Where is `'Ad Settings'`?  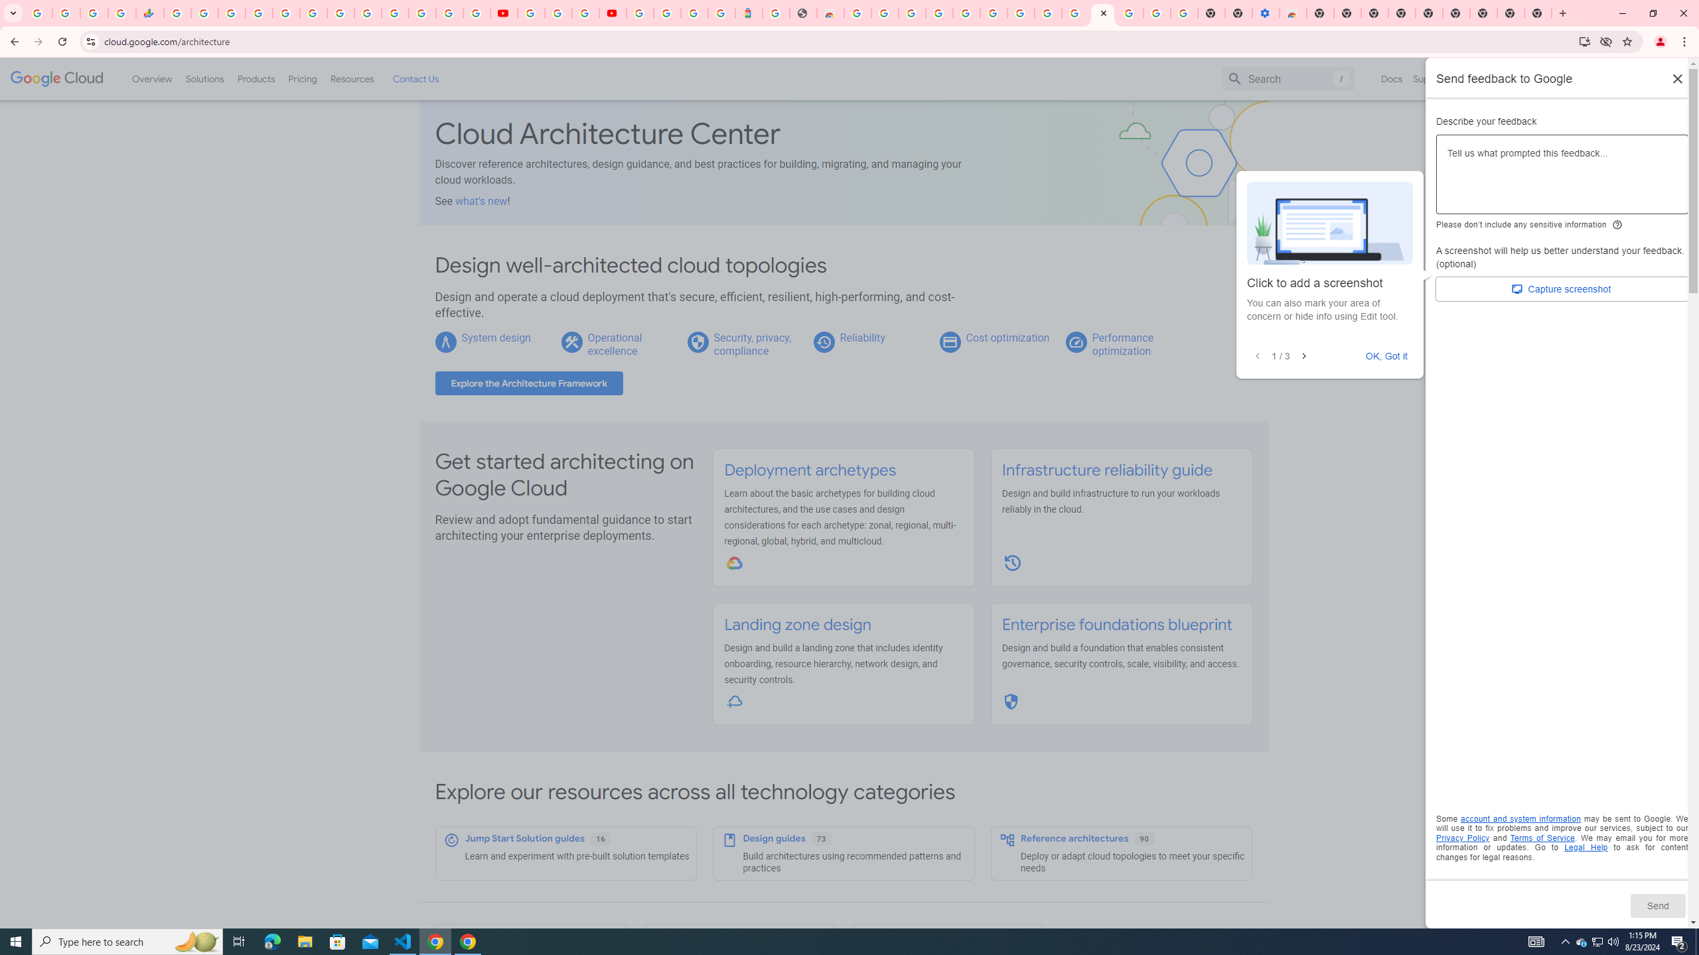 'Ad Settings' is located at coordinates (938, 13).